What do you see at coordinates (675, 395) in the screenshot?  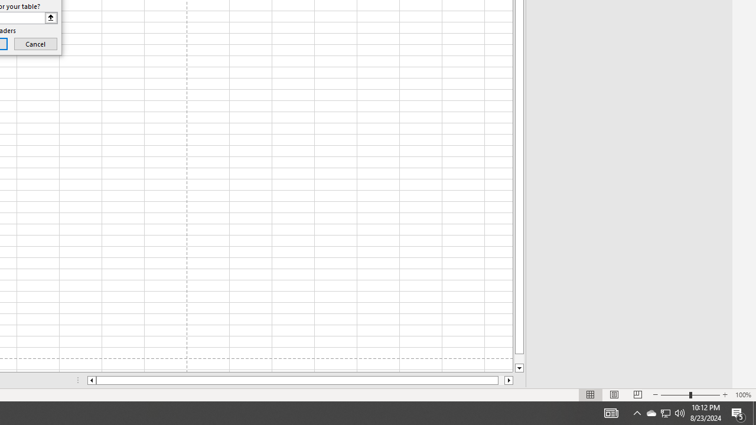 I see `'Zoom Out'` at bounding box center [675, 395].